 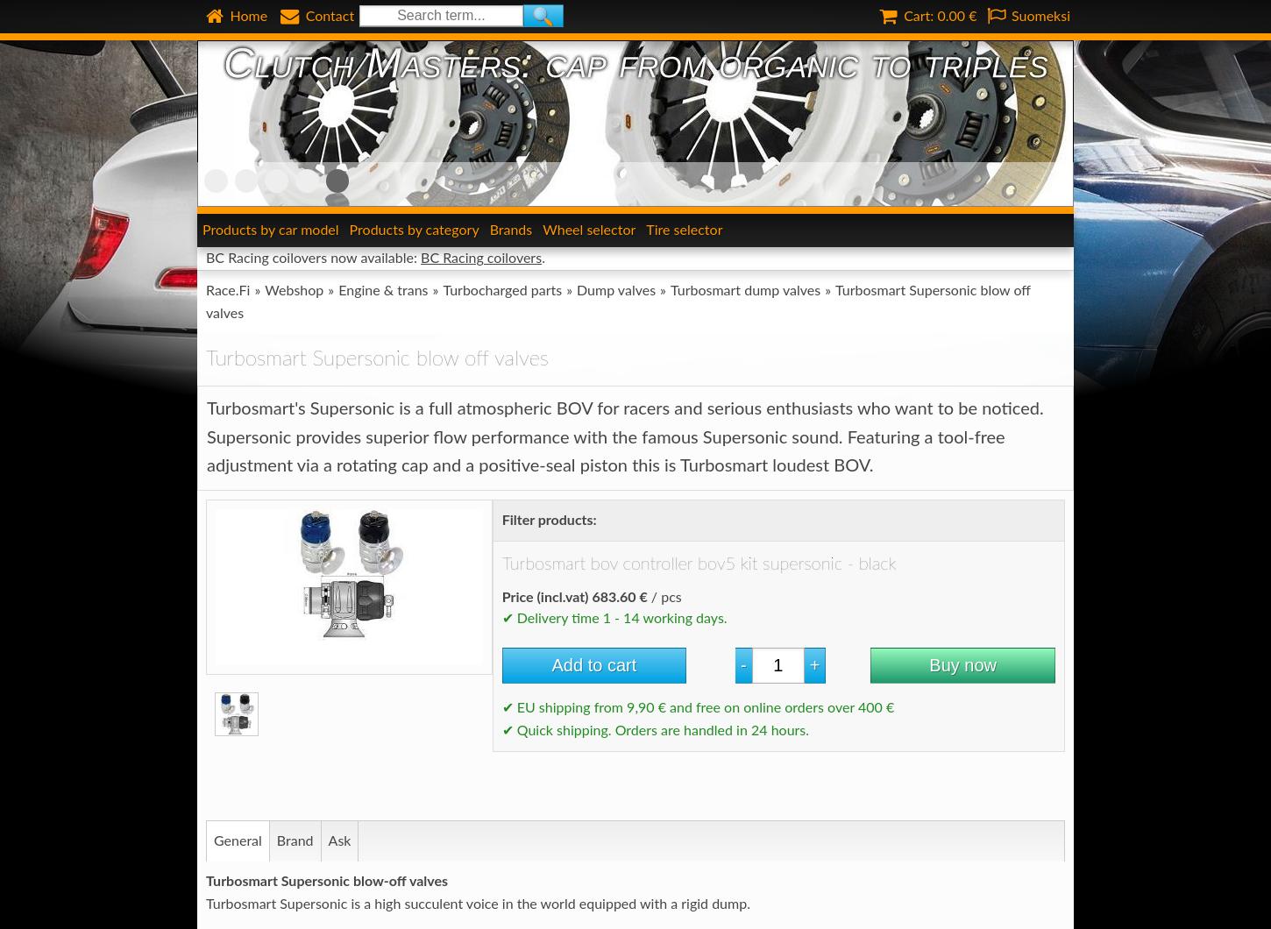 I want to click on 'Race.Fi', so click(x=227, y=290).